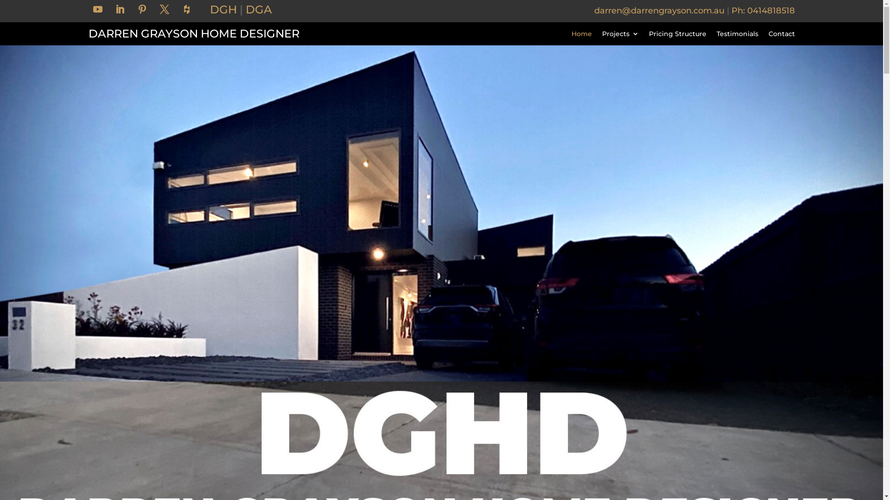  I want to click on 'Follow on LinkedIn', so click(120, 9).